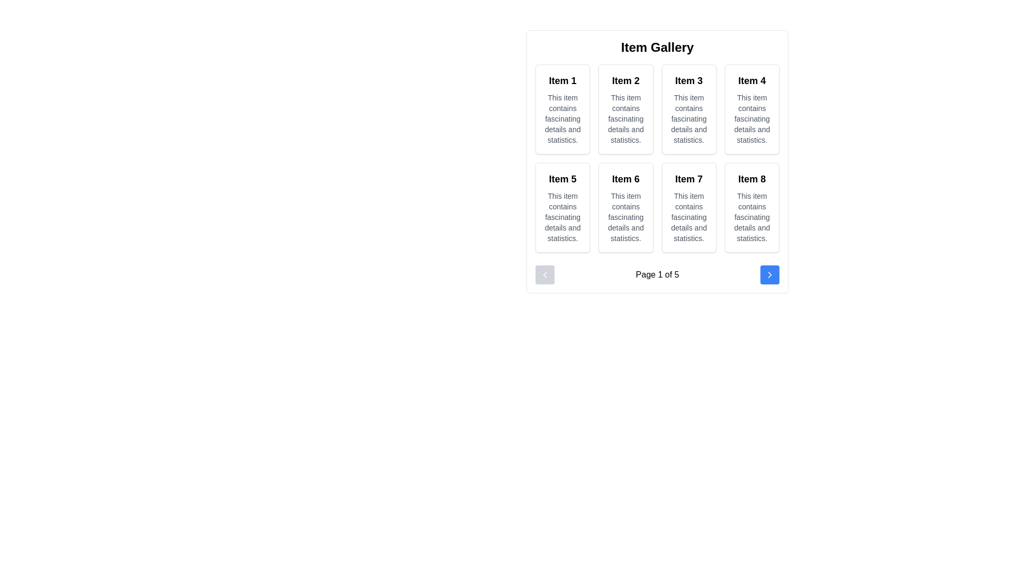 The image size is (1016, 571). What do you see at coordinates (751, 179) in the screenshot?
I see `text label displaying 'Item 8' located at the top center of the last card in the second row, which is bold and in a larger font size` at bounding box center [751, 179].